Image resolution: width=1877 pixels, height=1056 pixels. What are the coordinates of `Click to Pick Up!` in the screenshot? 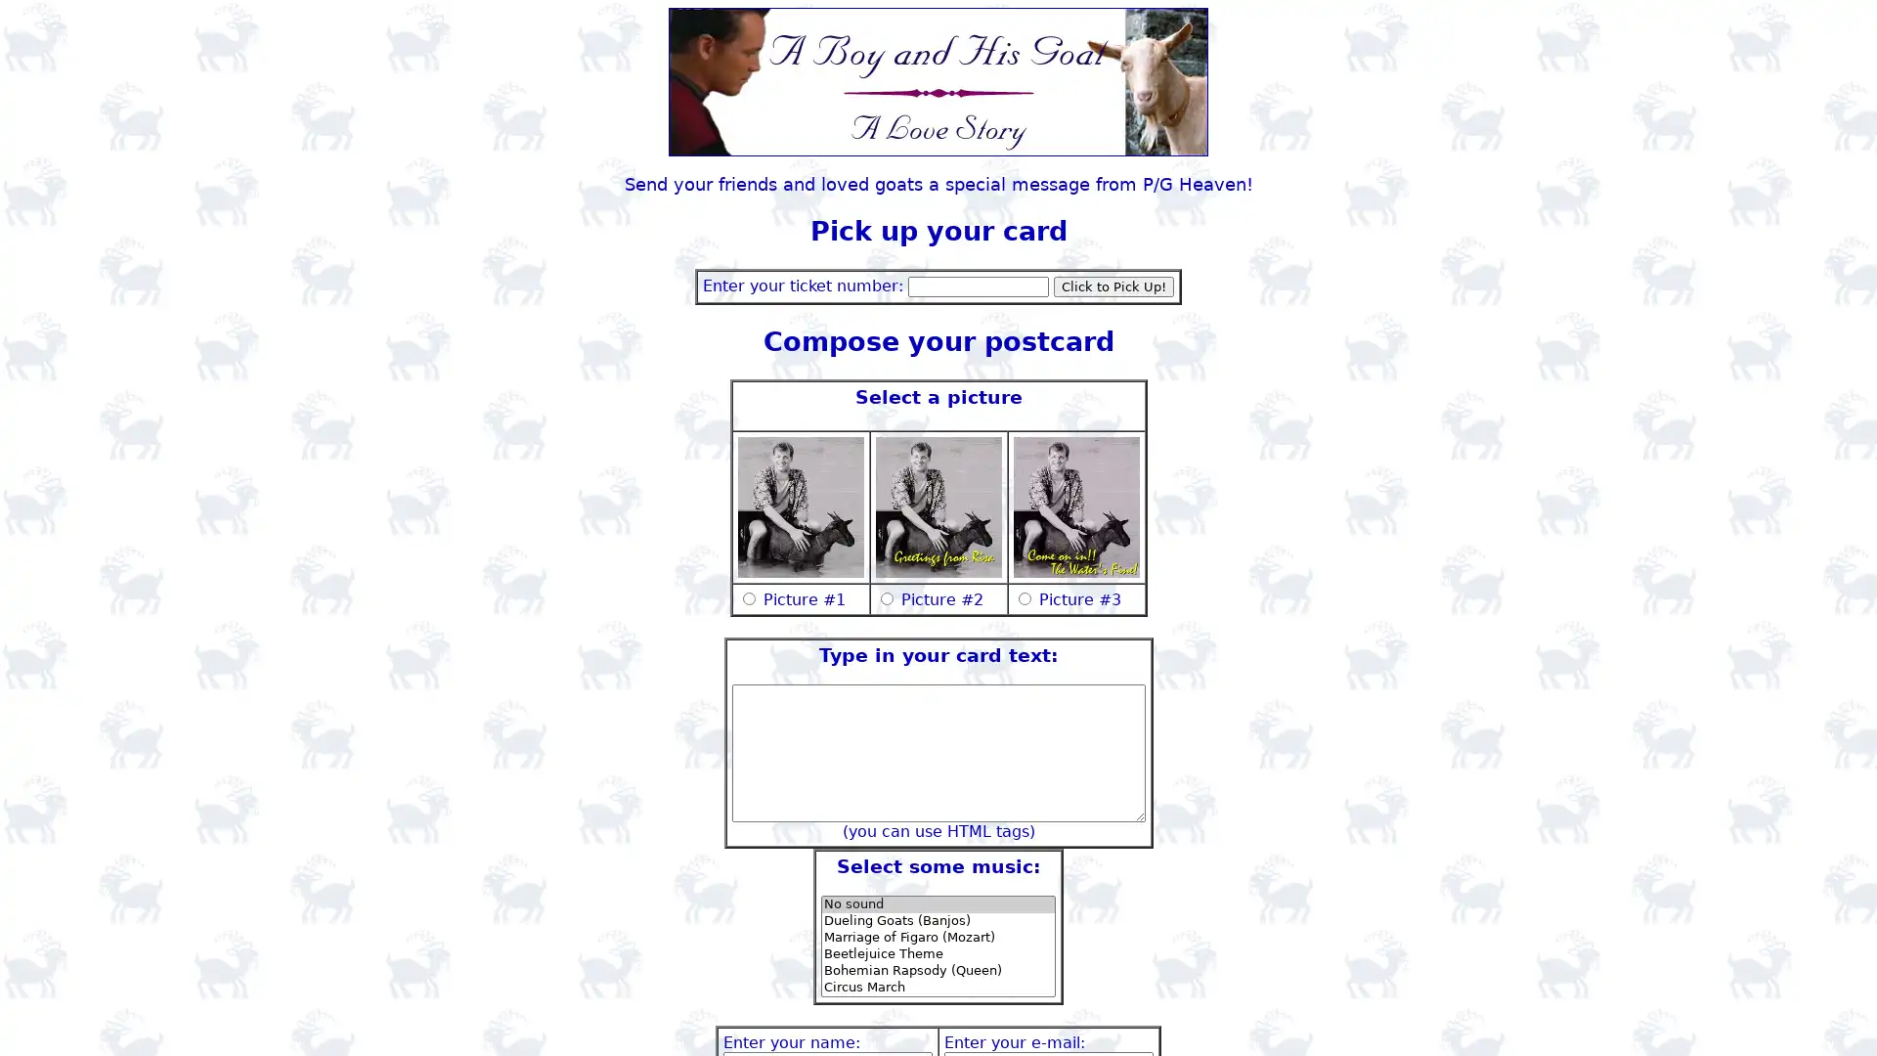 It's located at (1113, 286).